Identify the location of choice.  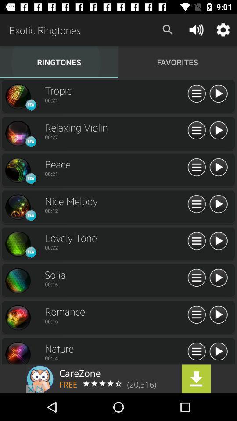
(18, 280).